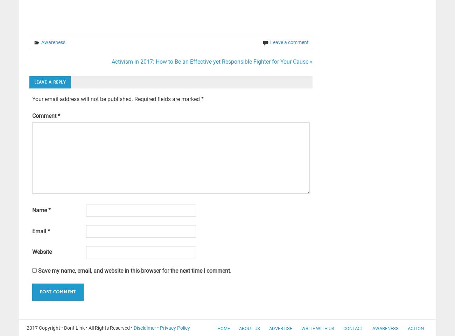 The height and width of the screenshot is (336, 455). What do you see at coordinates (111, 62) in the screenshot?
I see `'Activism in 2017: How to Be an Effective yet Responsible Fighter for Your Cause »'` at bounding box center [111, 62].